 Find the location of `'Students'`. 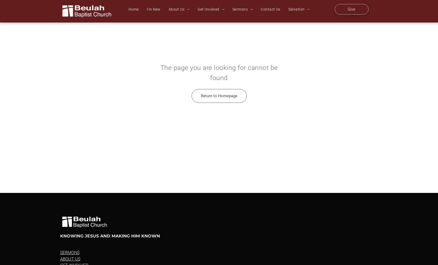

'Students' is located at coordinates (209, 42).